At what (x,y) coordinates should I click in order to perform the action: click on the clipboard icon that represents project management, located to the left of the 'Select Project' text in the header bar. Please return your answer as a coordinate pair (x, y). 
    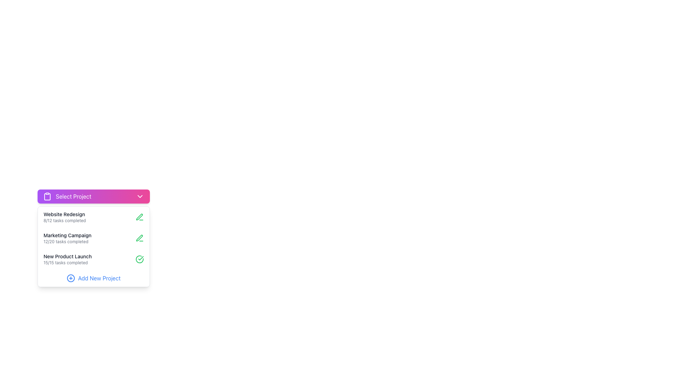
    Looking at the image, I should click on (47, 197).